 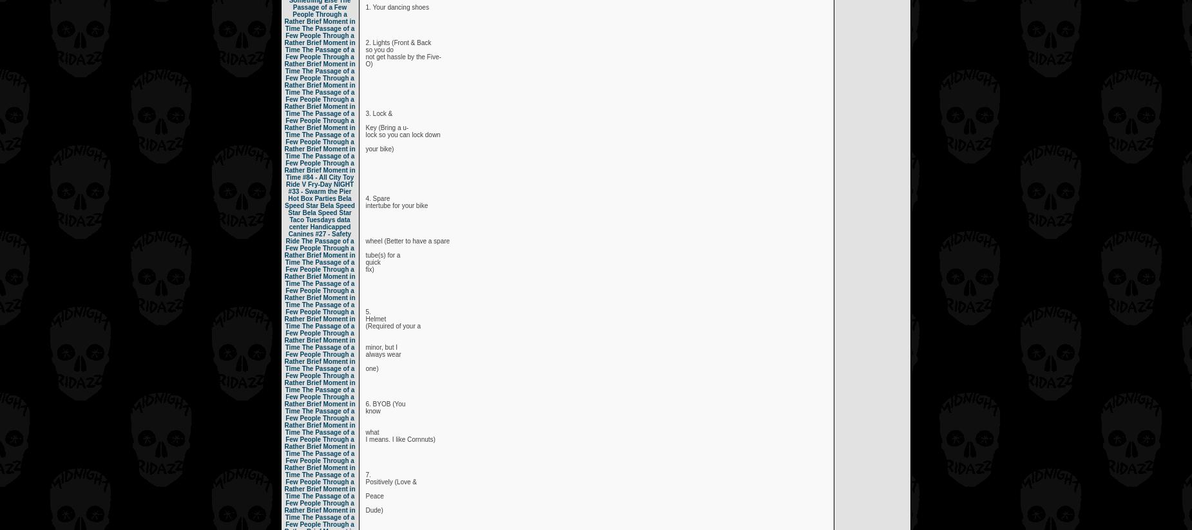 What do you see at coordinates (367, 311) in the screenshot?
I see `'5.'` at bounding box center [367, 311].